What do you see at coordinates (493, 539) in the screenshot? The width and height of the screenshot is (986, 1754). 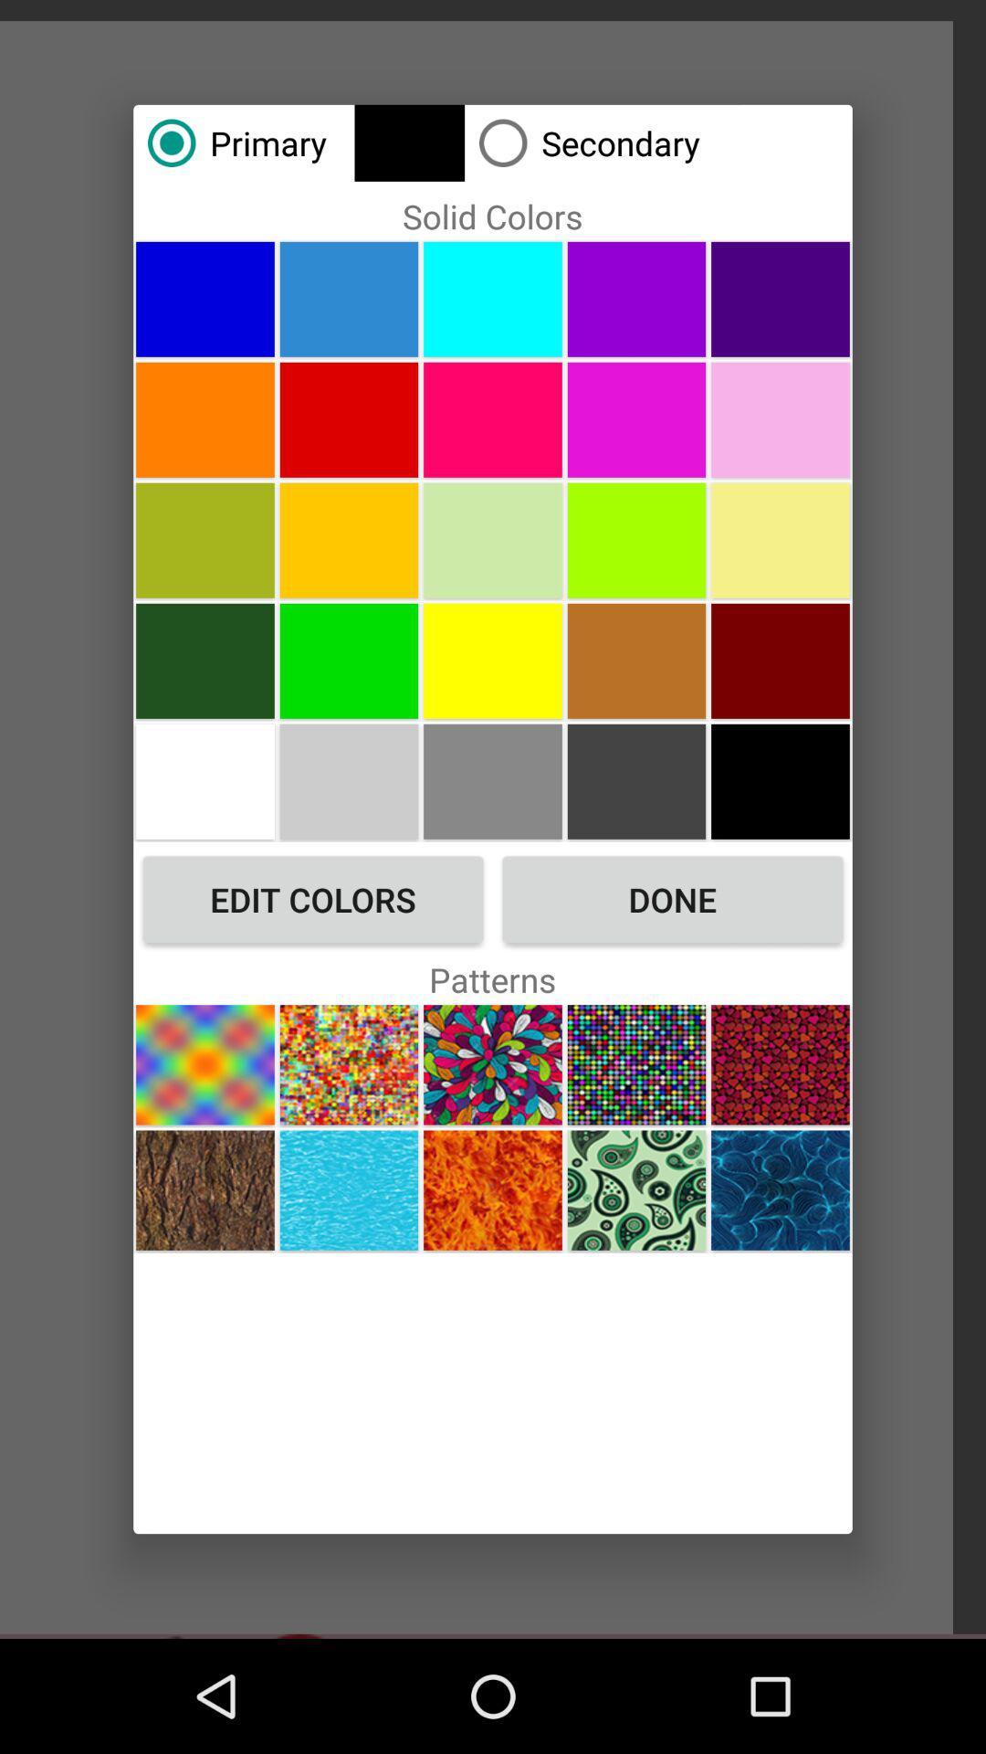 I see `choose mint green color` at bounding box center [493, 539].